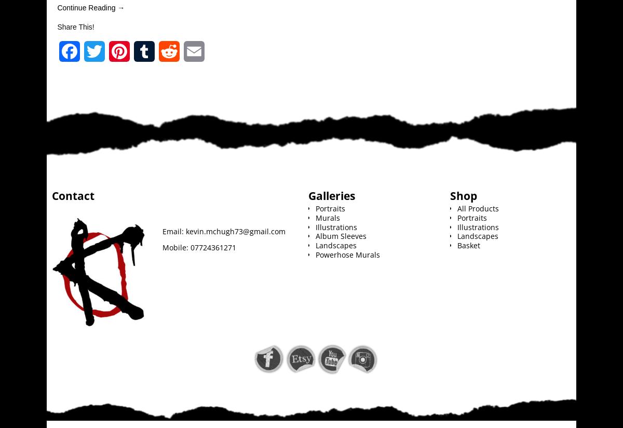 The image size is (623, 428). Describe the element at coordinates (328, 217) in the screenshot. I see `'Murals'` at that location.